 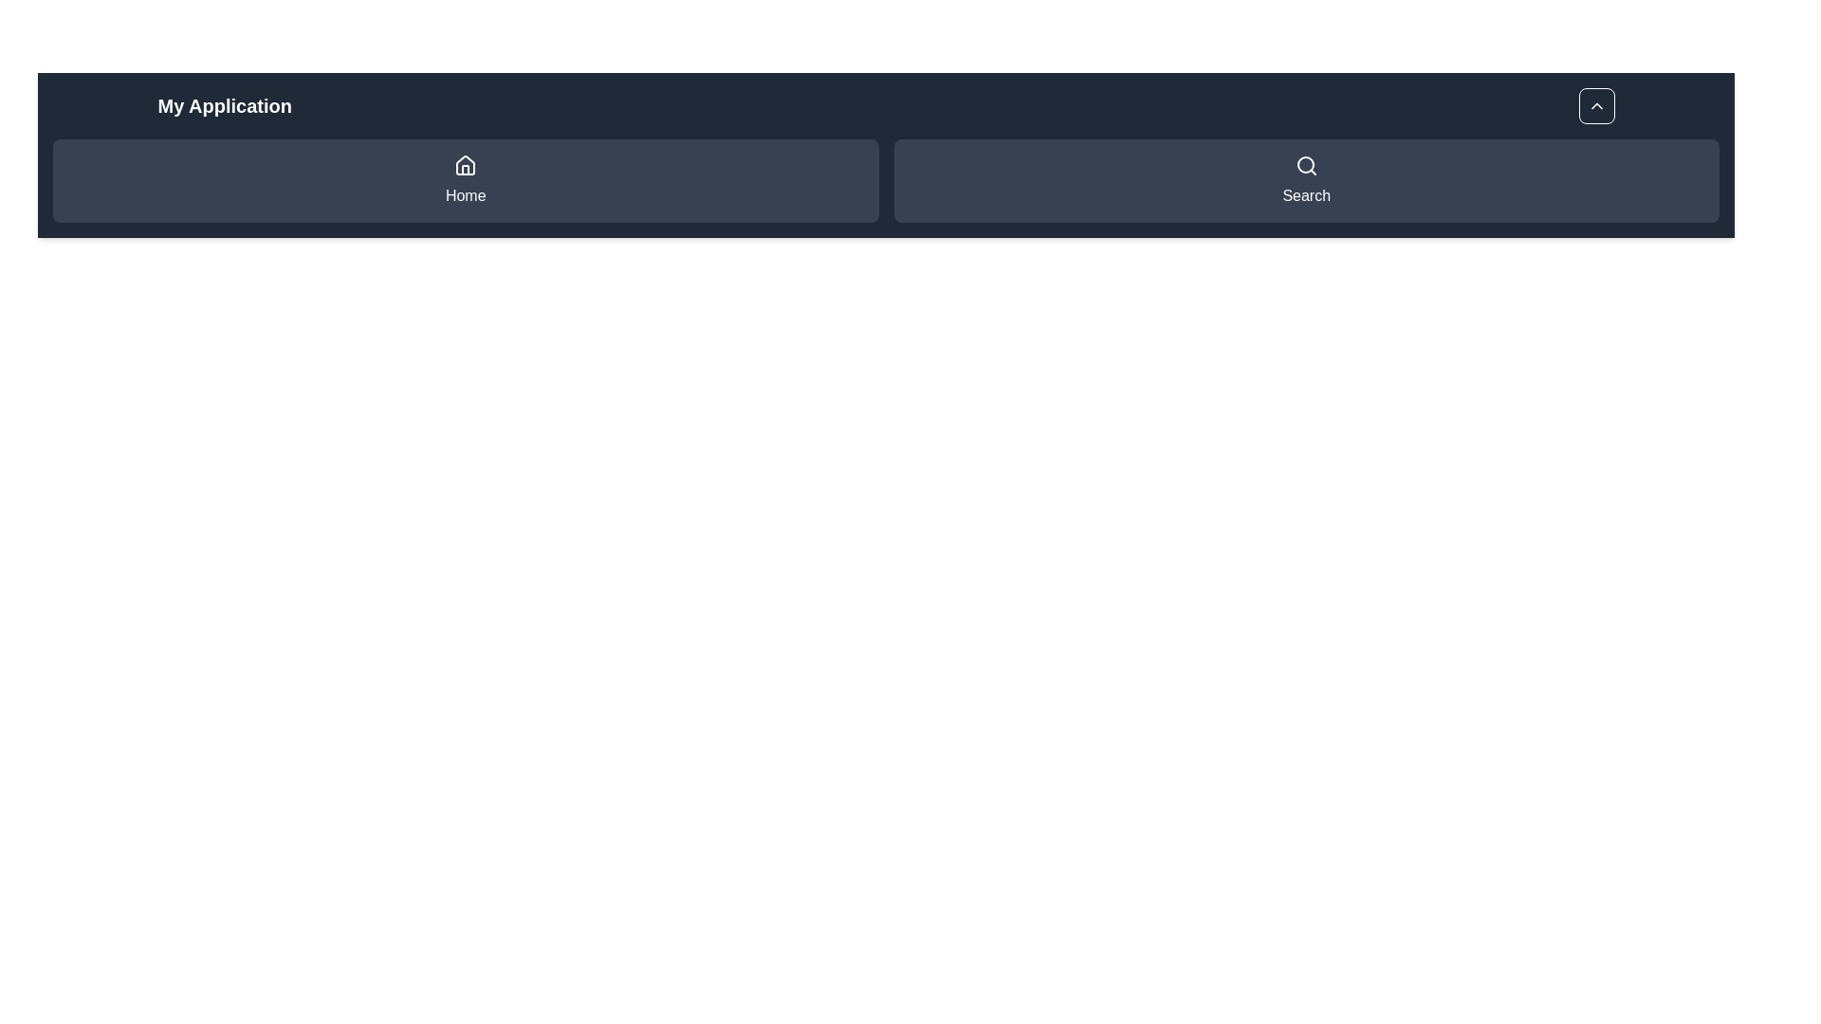 What do you see at coordinates (466, 164) in the screenshot?
I see `the house icon in the navigation bar labeled 'Home', which features a minimalistic design with a gable roof and rounded strokes` at bounding box center [466, 164].